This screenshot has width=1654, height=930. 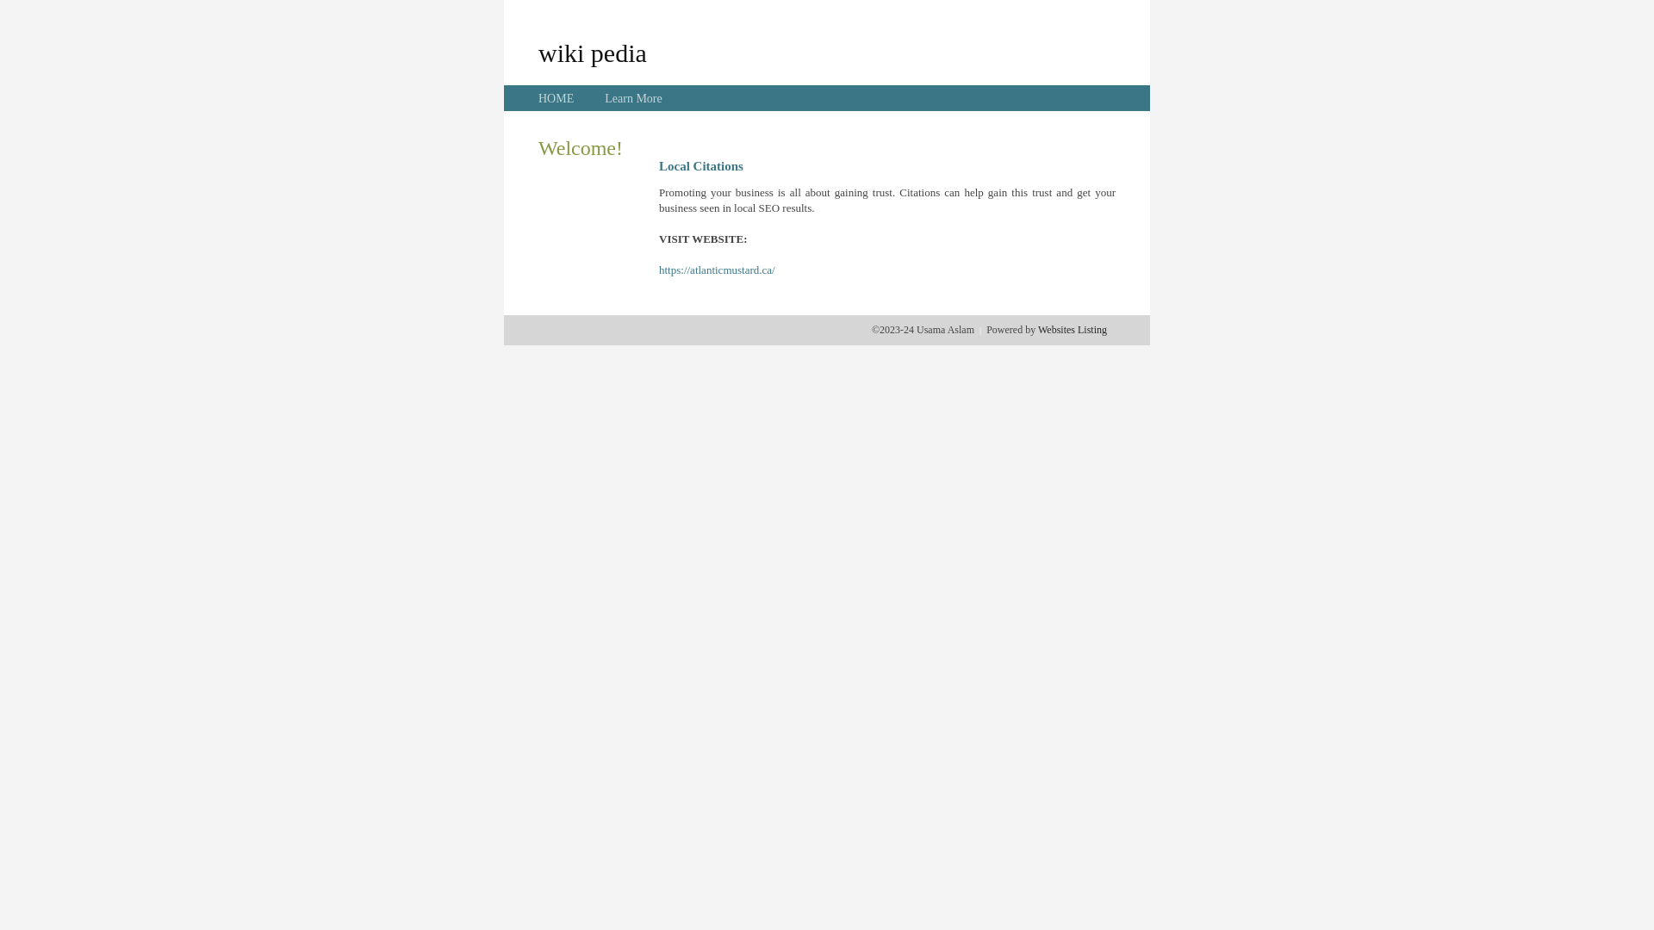 I want to click on 'https://atlanticmustard.ca/', so click(x=717, y=270).